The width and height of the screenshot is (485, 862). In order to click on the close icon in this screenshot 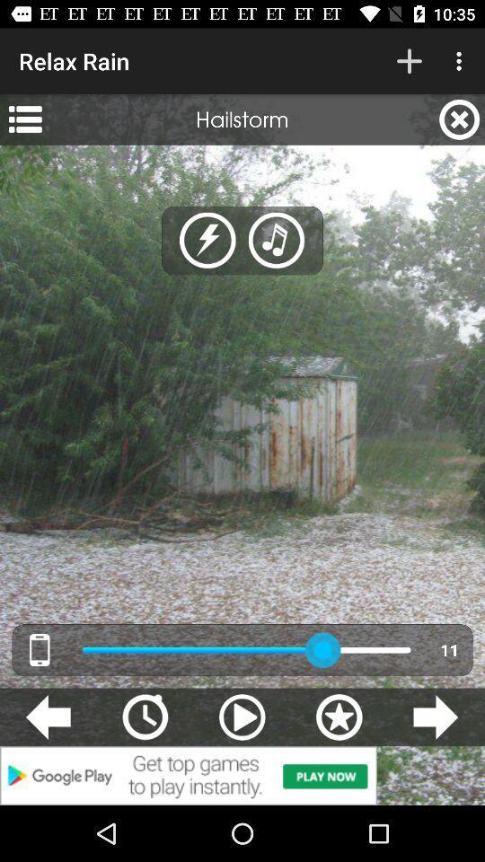, I will do `click(459, 119)`.